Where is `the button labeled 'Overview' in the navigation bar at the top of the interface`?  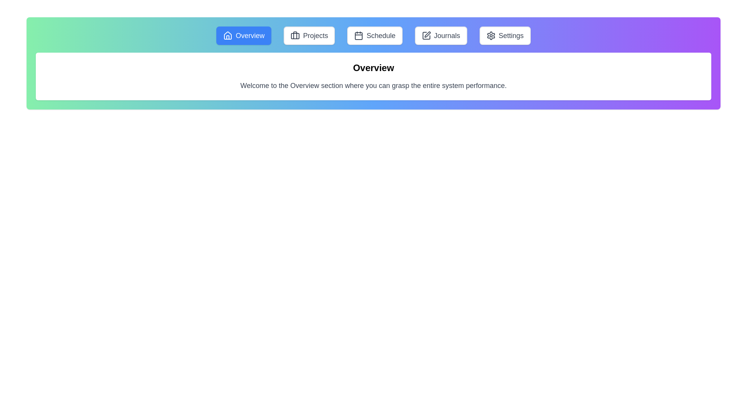 the button labeled 'Overview' in the navigation bar at the top of the interface is located at coordinates (373, 35).